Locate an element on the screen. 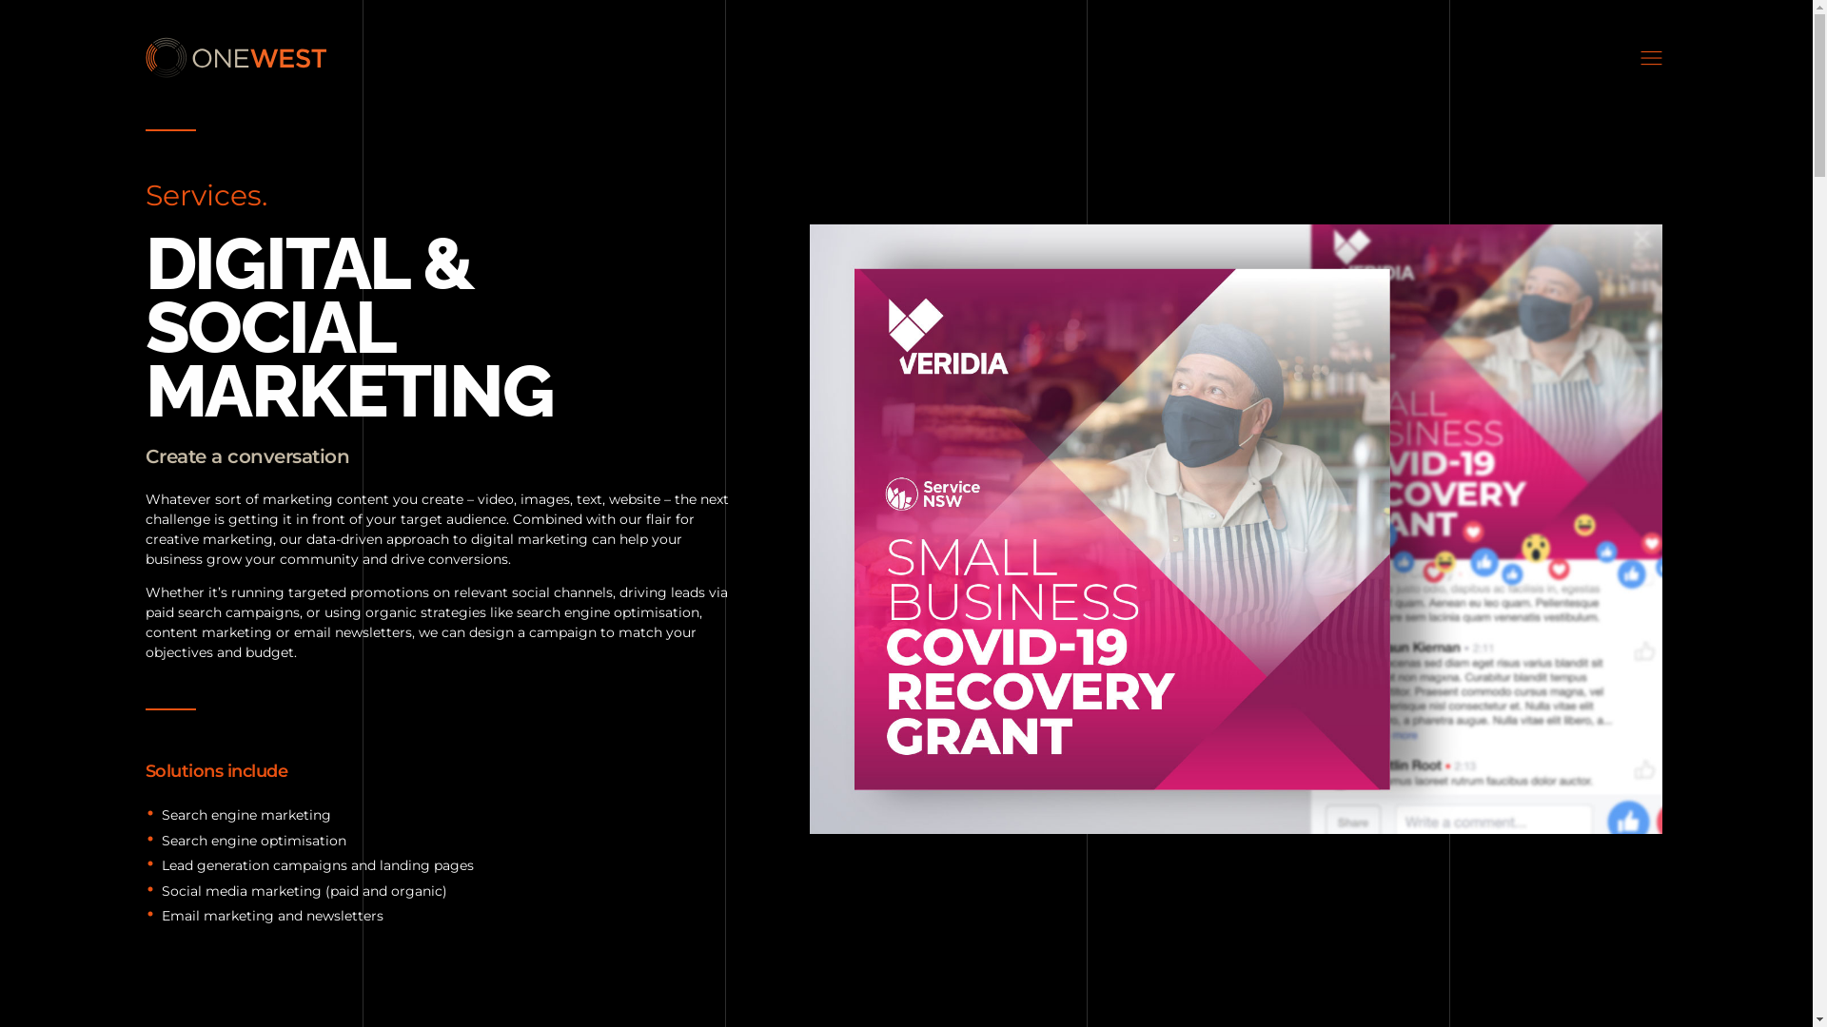 The width and height of the screenshot is (1827, 1027). 'OneWest Design & Media' is located at coordinates (264, 88).